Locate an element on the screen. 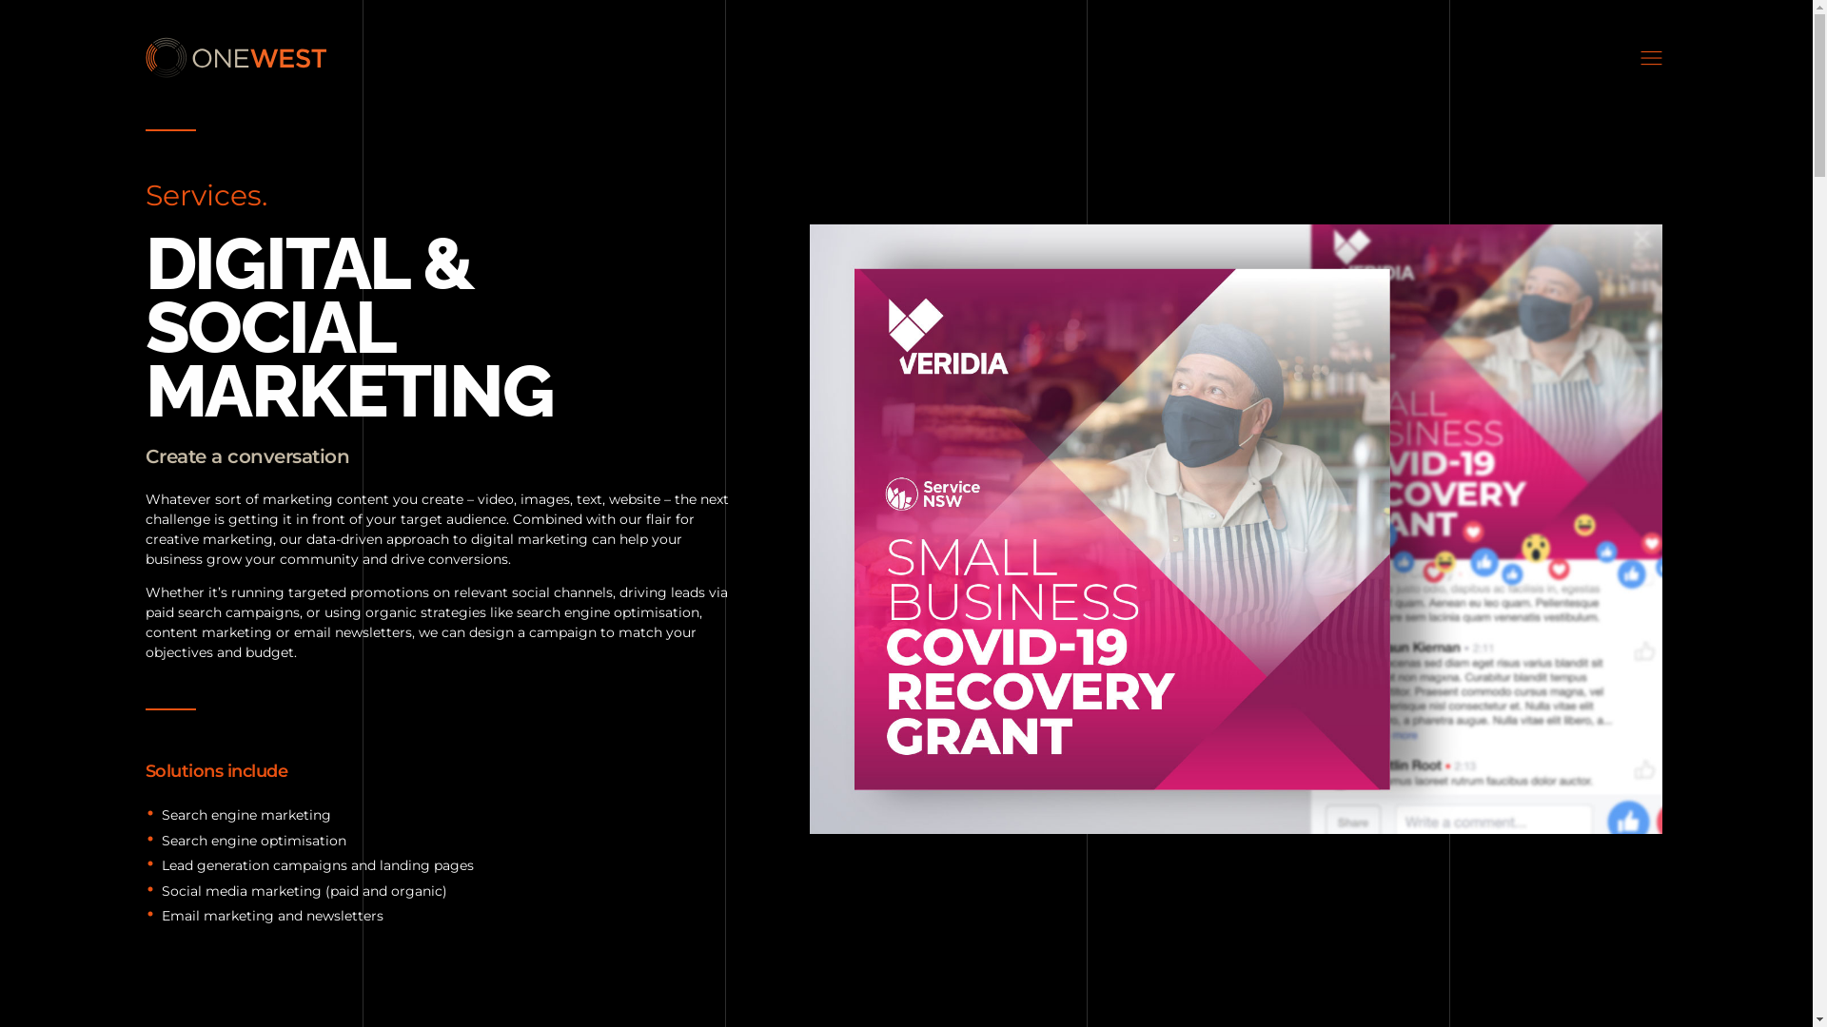 The width and height of the screenshot is (1827, 1027). 'OneWest Design & Media' is located at coordinates (264, 88).